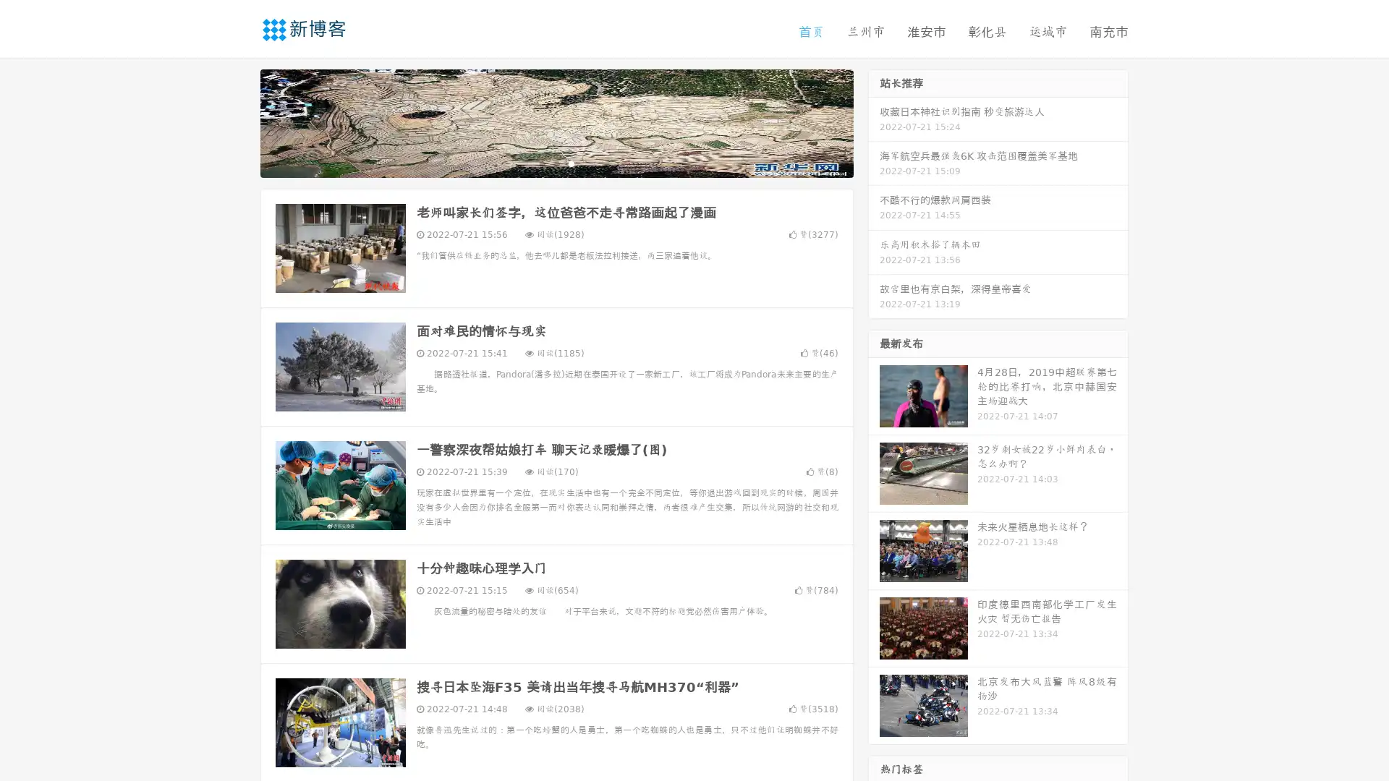 The width and height of the screenshot is (1389, 781). I want to click on Go to slide 3, so click(571, 163).